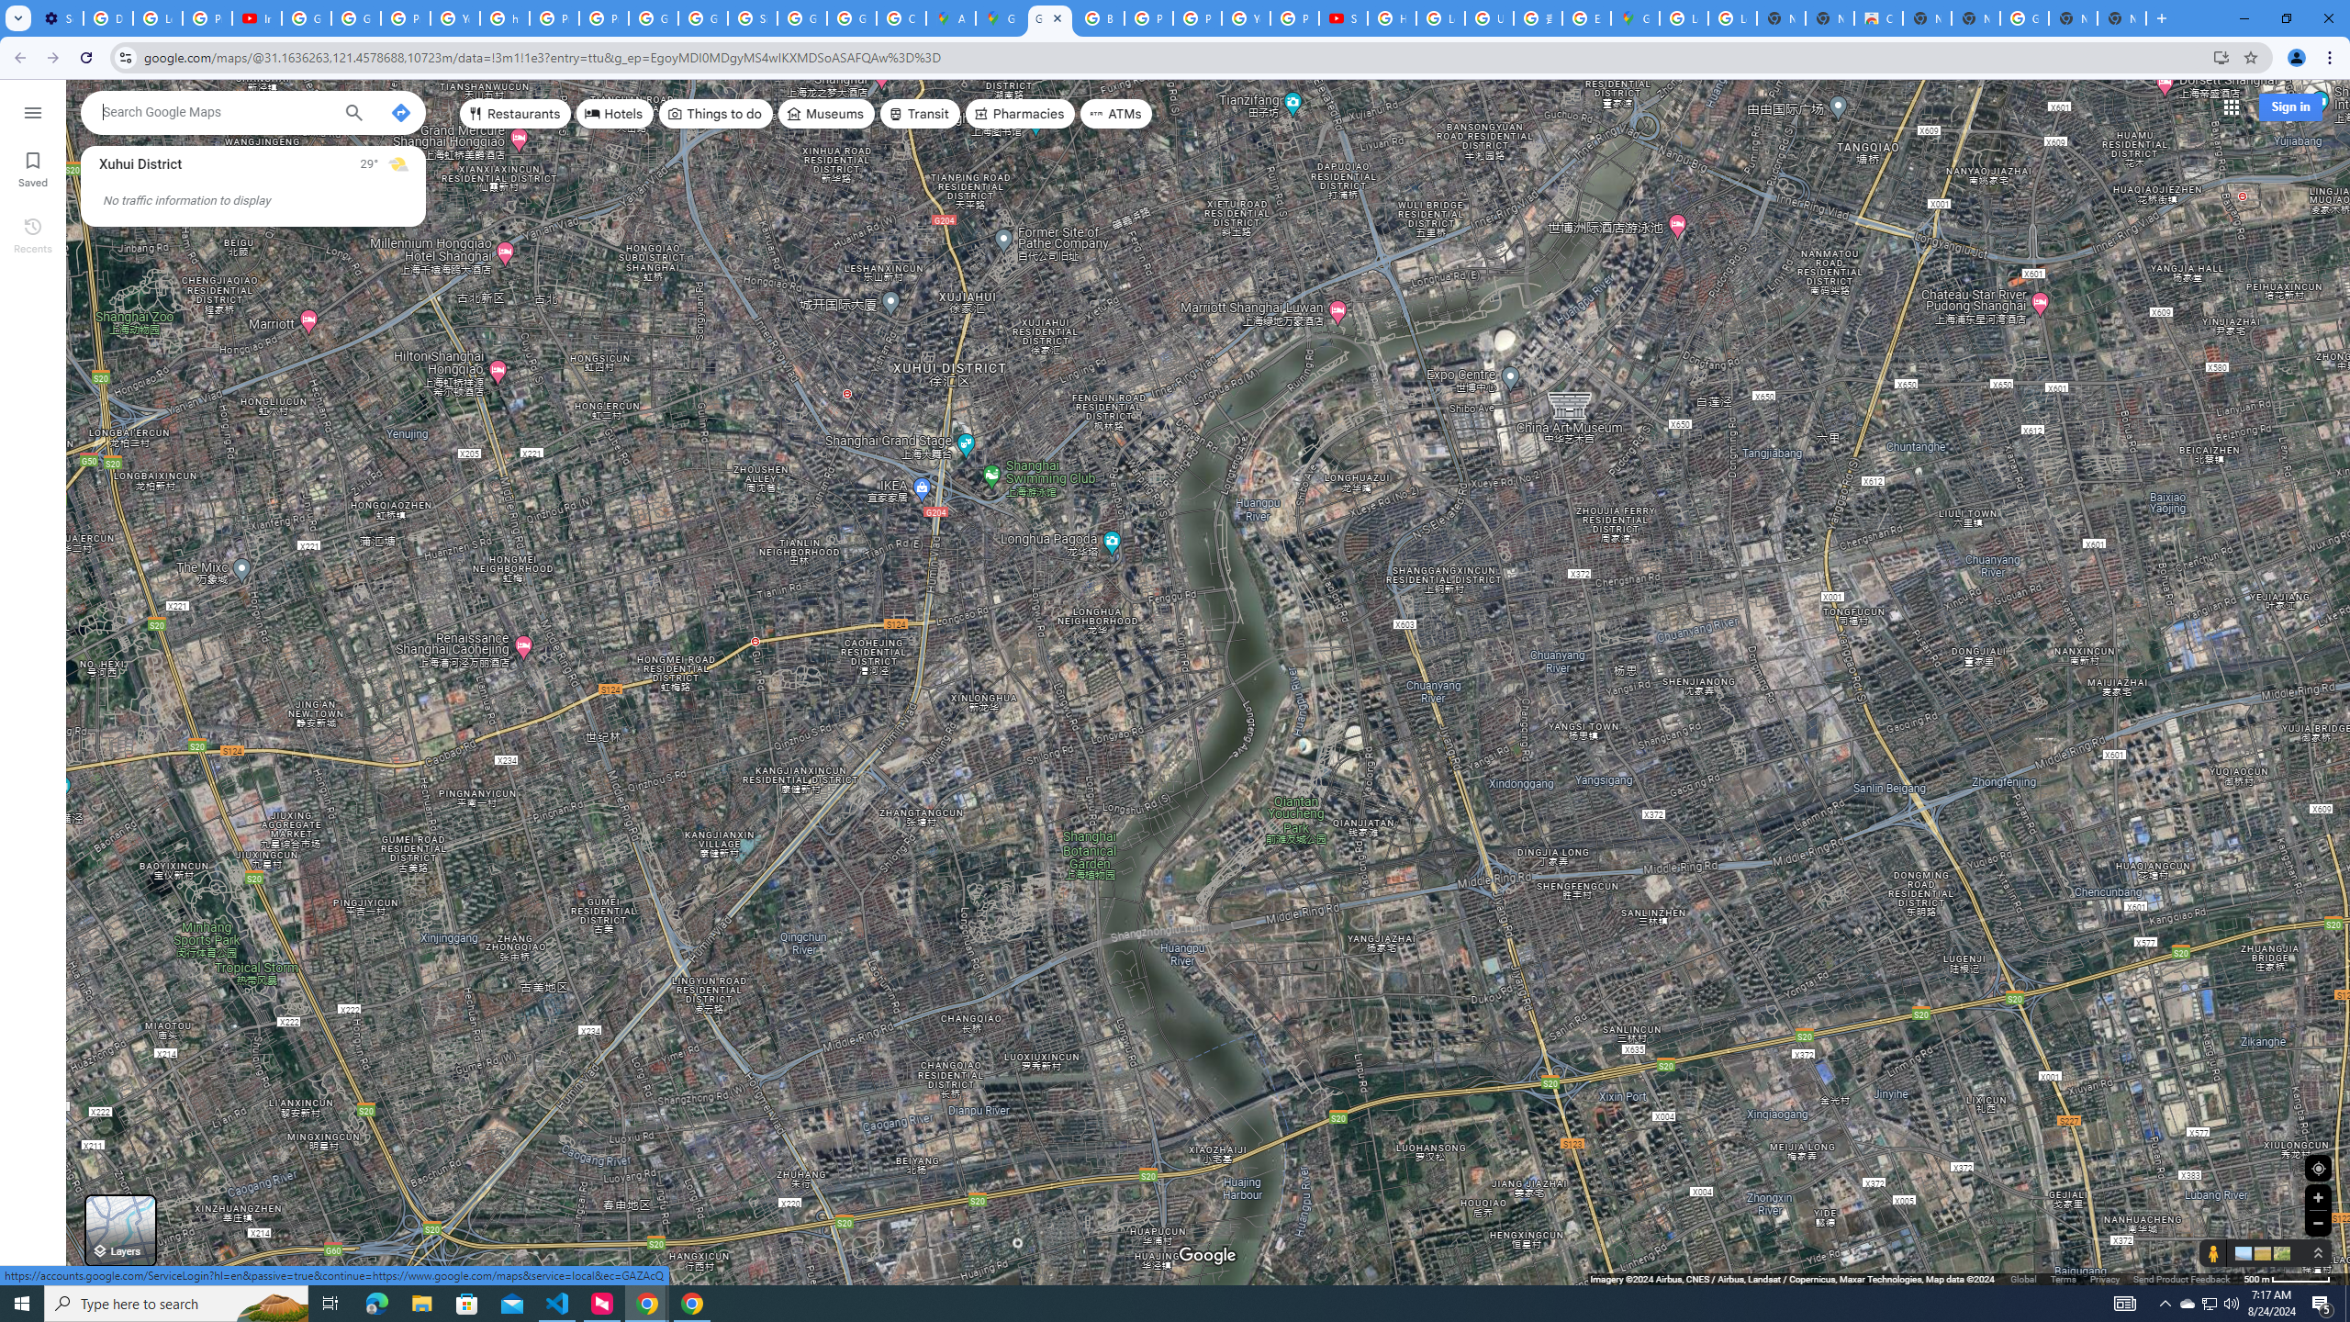 The height and width of the screenshot is (1322, 2350). I want to click on 'YouTube', so click(1245, 17).